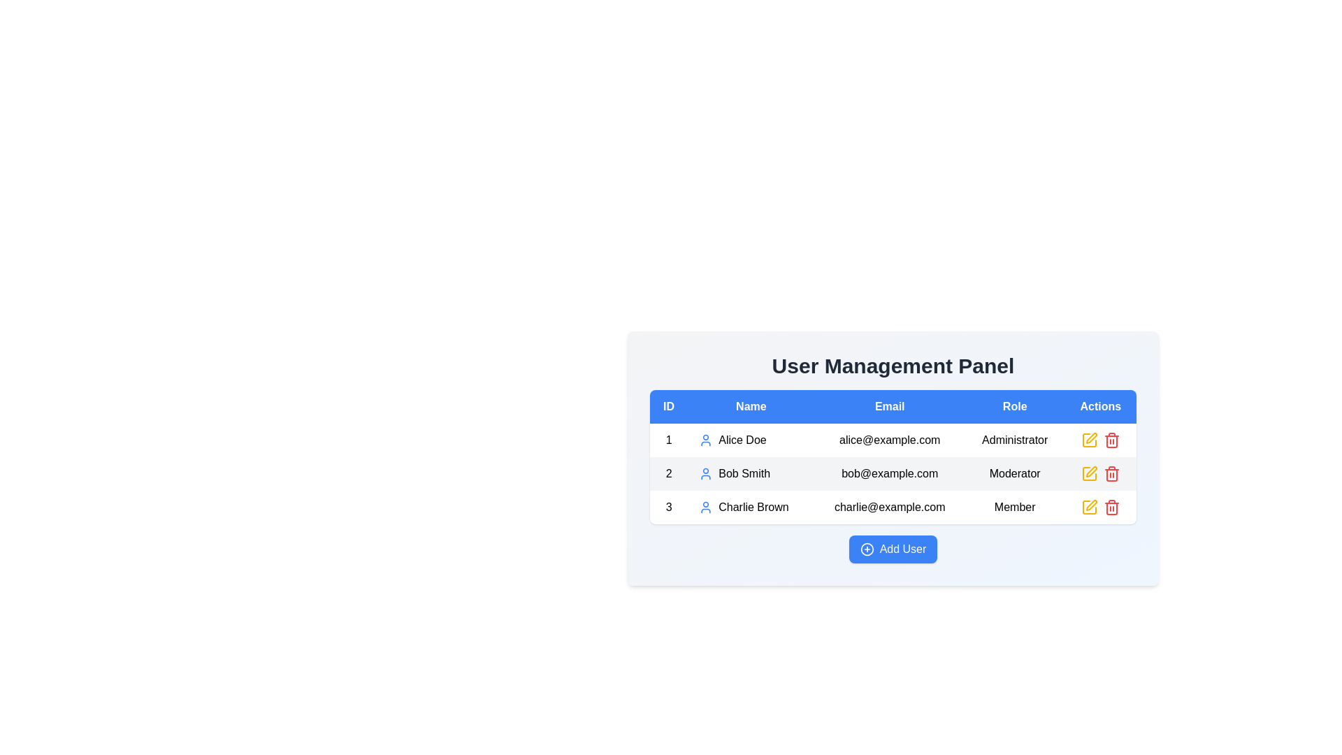  I want to click on the second row of the table that displays user data, which is located immediately below the header row, for further actions, so click(892, 473).